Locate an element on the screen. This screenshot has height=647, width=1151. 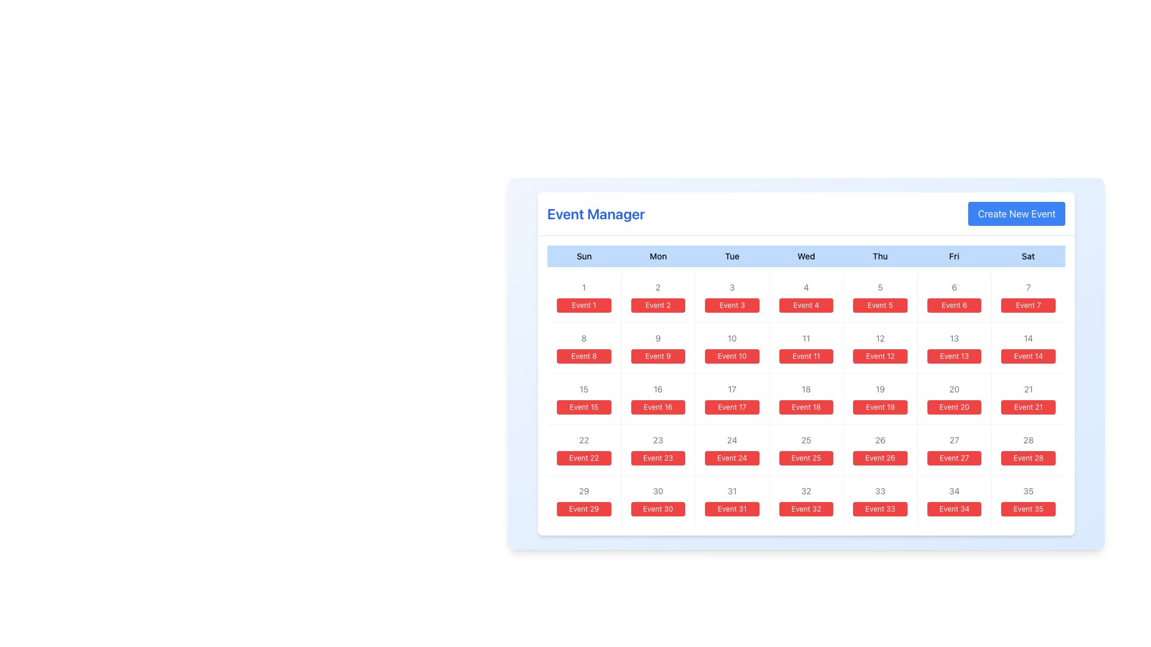
the button representing an event or appointment in the calendar view located in the second row, first column beneath 'Sun' is located at coordinates (584, 355).